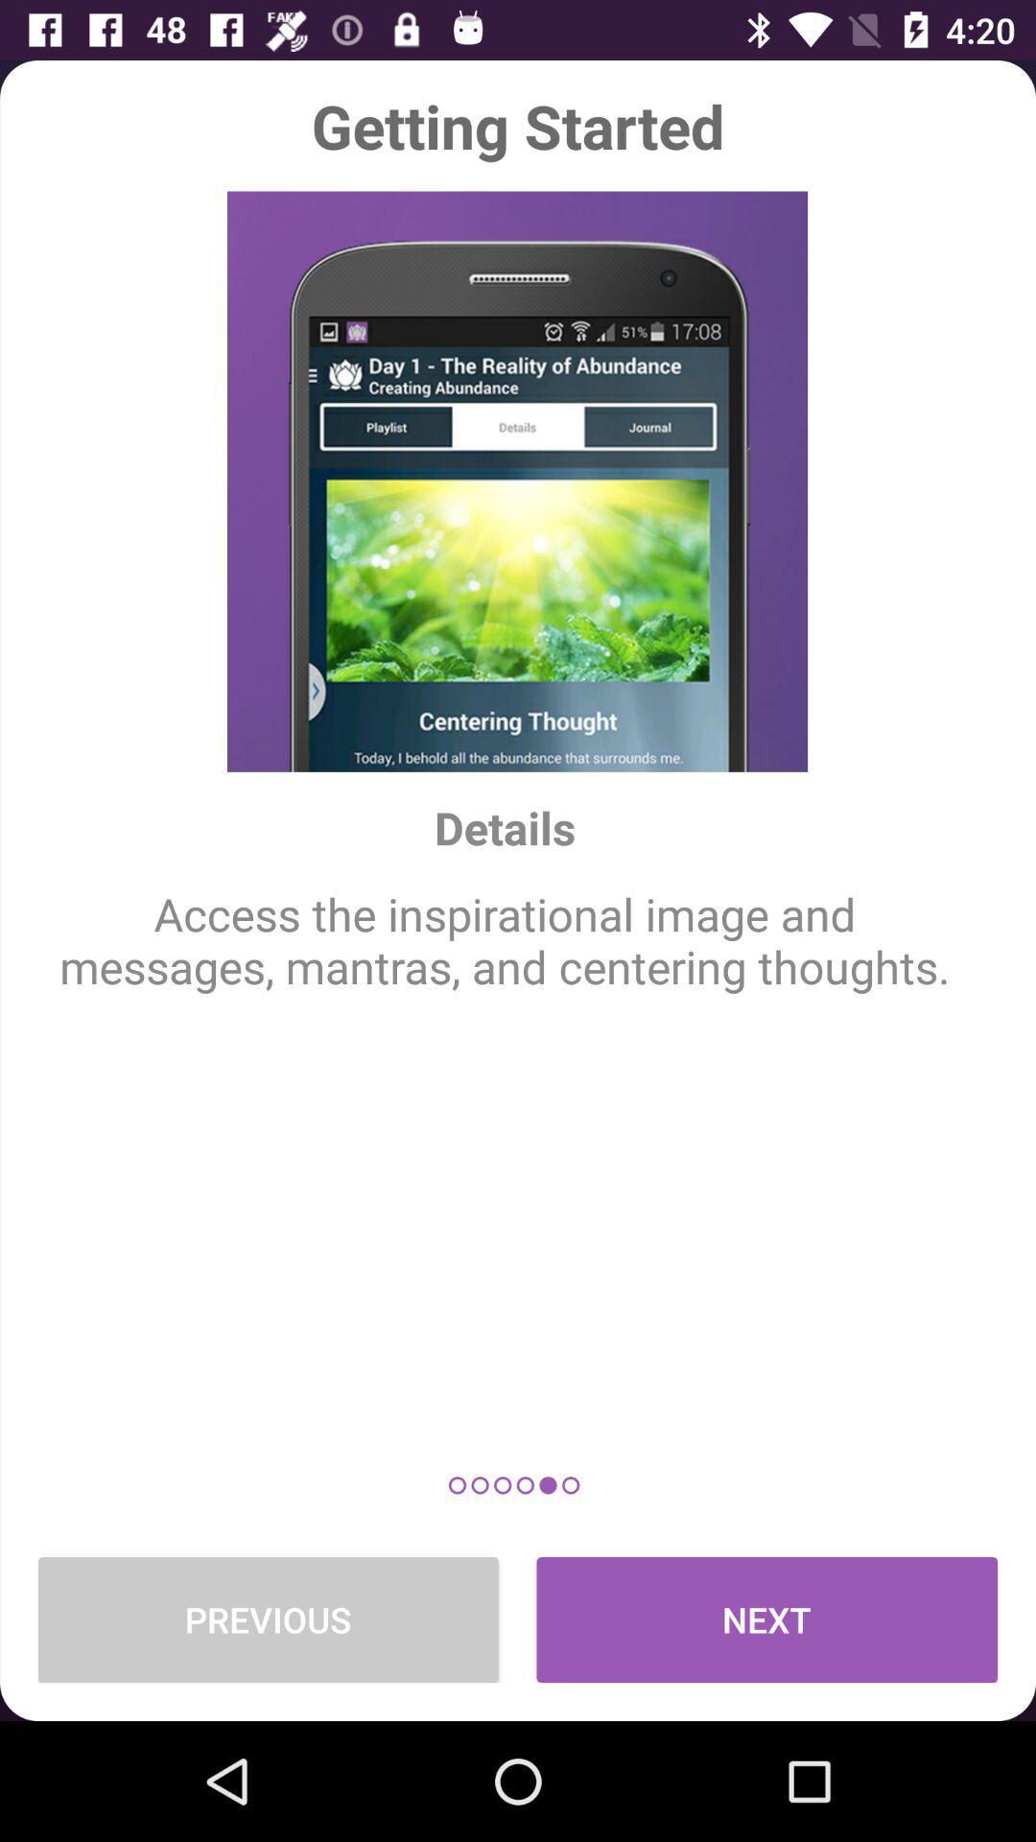  What do you see at coordinates (268, 1618) in the screenshot?
I see `the icon next to the next icon` at bounding box center [268, 1618].